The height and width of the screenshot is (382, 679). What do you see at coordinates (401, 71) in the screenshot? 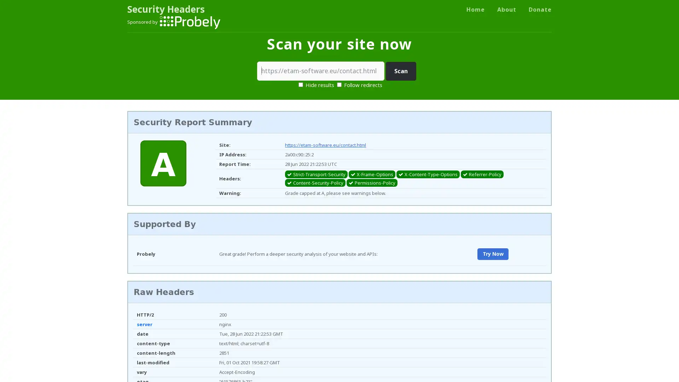
I see `Scan` at bounding box center [401, 71].